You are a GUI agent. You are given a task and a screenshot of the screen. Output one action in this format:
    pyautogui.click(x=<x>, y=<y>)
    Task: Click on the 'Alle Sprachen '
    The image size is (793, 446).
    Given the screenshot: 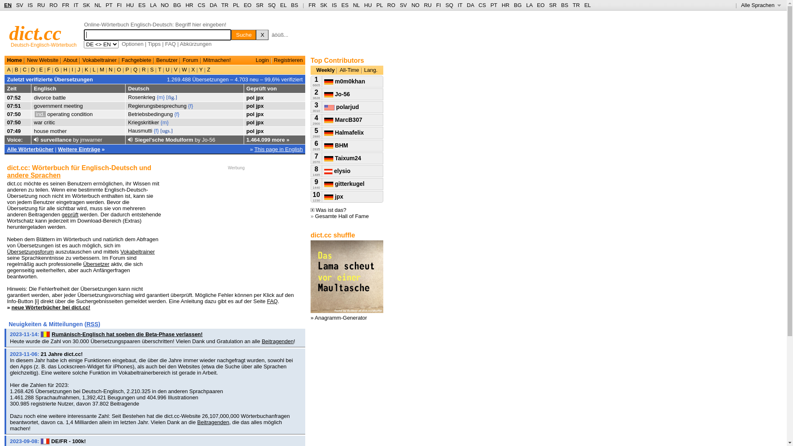 What is the action you would take?
    pyautogui.click(x=760, y=5)
    